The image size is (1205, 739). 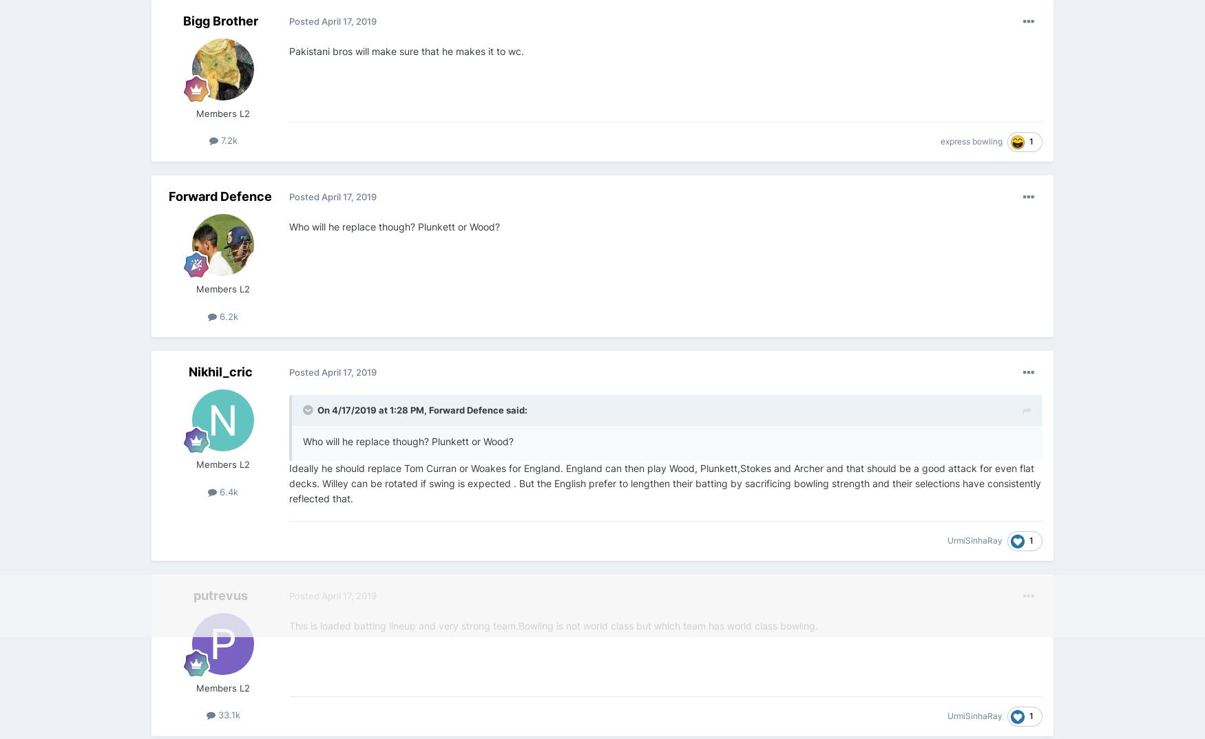 What do you see at coordinates (220, 594) in the screenshot?
I see `'putrevus'` at bounding box center [220, 594].